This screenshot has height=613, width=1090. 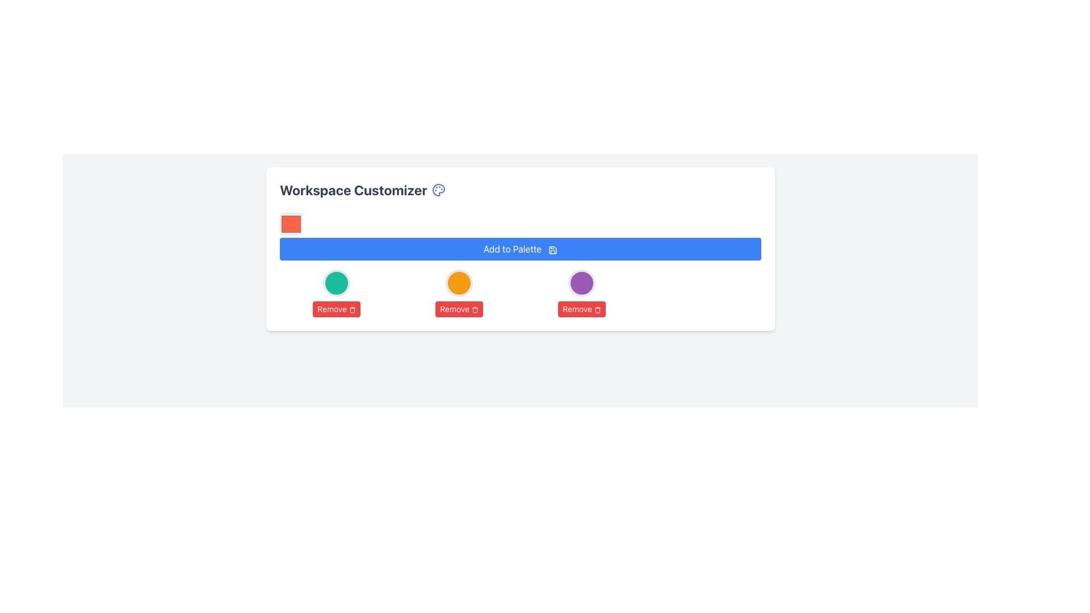 What do you see at coordinates (438, 190) in the screenshot?
I see `the icon located in the top-right corner of the workspace customizer area` at bounding box center [438, 190].